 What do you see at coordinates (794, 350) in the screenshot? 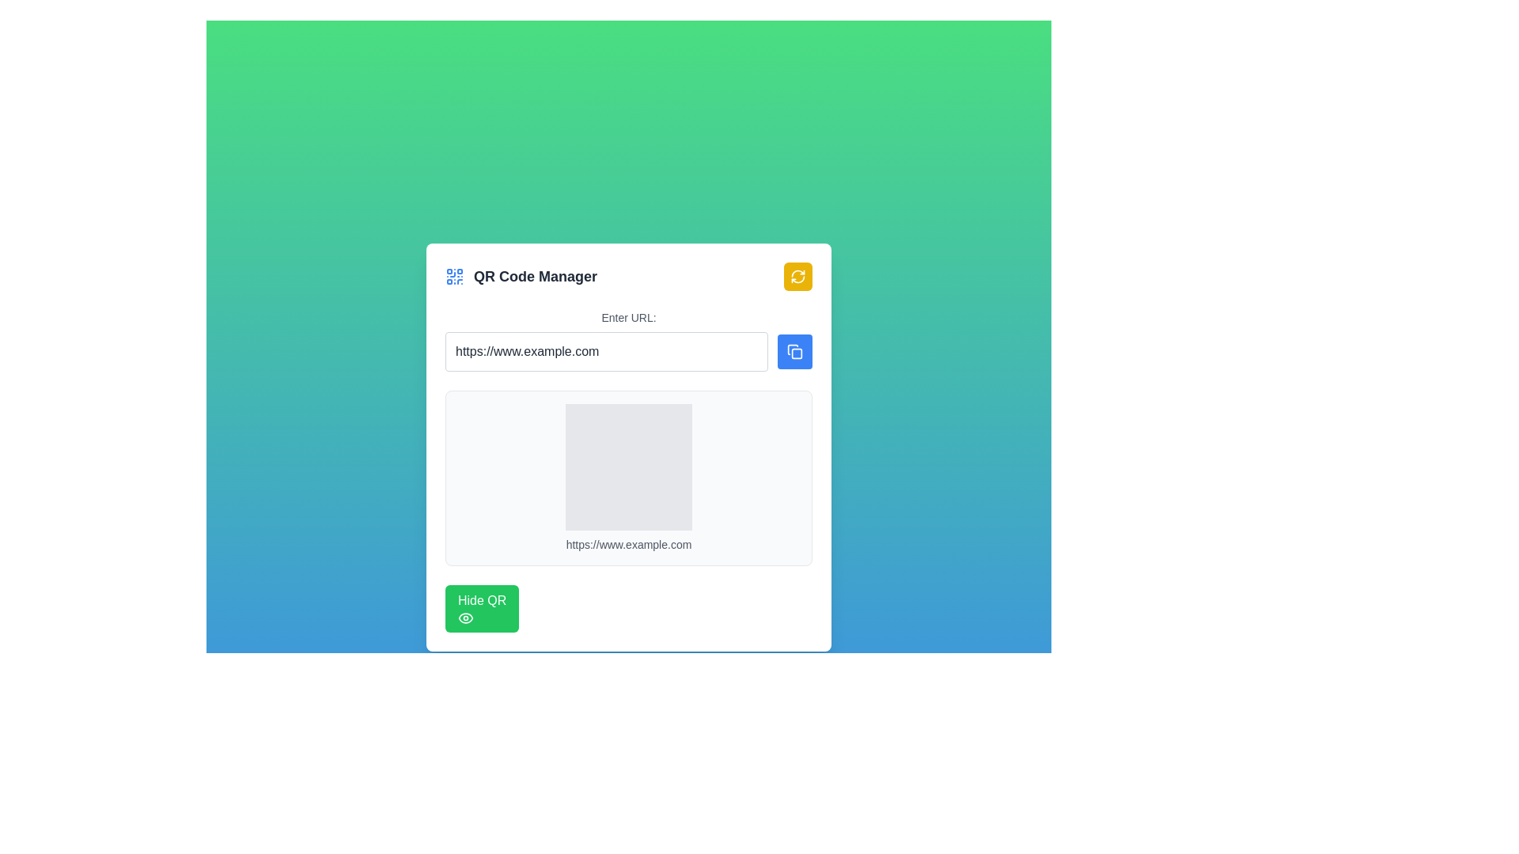
I see `the Button with a copy icon located to the right of the text input field containing 'https://www.example.com' in the QR Code Manager card for accessibility purposes` at bounding box center [794, 350].